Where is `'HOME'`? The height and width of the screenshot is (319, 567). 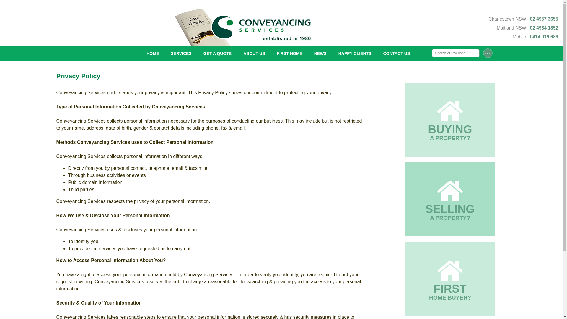
'HOME' is located at coordinates (140, 53).